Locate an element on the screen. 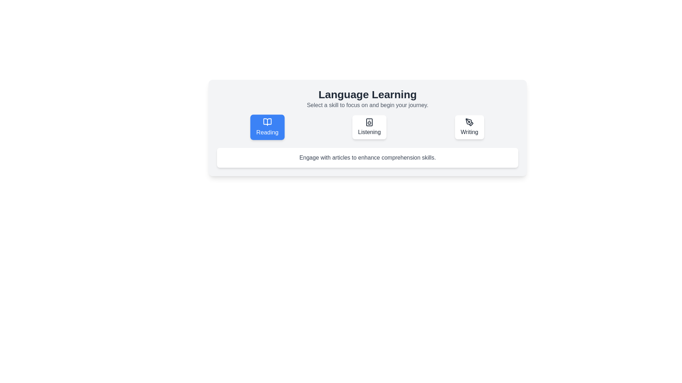 This screenshot has height=383, width=682. text content of the descriptive text label that says 'Engage with articles to enhance comprehension skills.' located below the main heading 'Language Learning' and the three skill buttons is located at coordinates (368, 157).